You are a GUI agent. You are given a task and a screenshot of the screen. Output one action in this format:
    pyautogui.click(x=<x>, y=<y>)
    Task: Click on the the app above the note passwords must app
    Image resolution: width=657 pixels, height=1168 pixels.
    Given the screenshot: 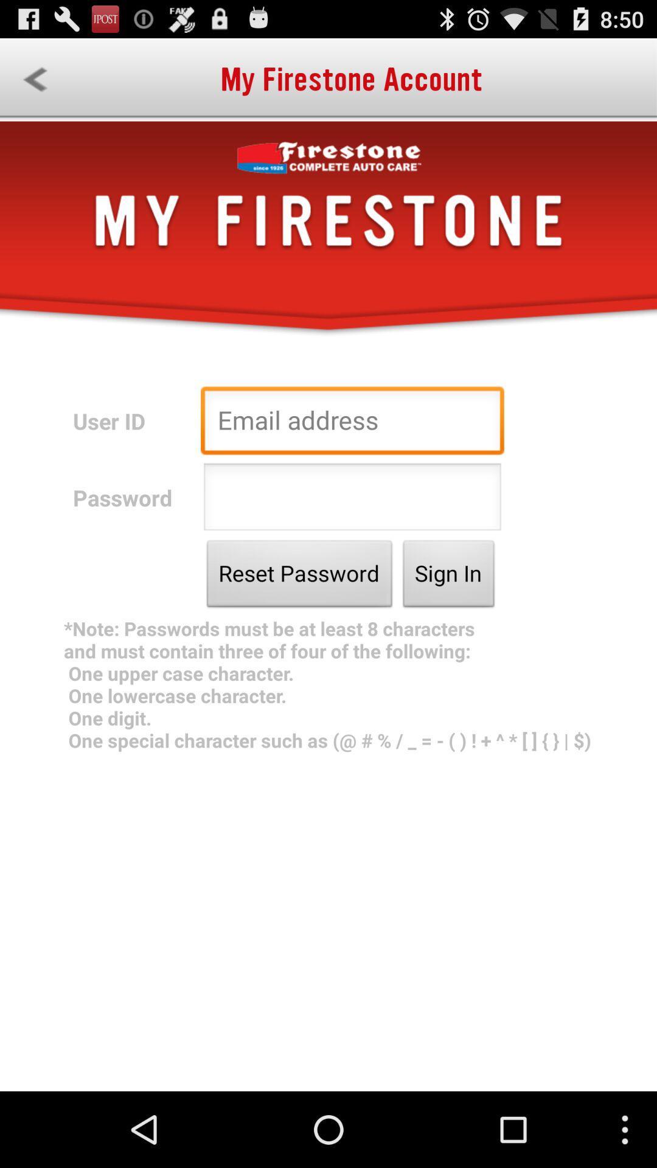 What is the action you would take?
    pyautogui.click(x=299, y=576)
    